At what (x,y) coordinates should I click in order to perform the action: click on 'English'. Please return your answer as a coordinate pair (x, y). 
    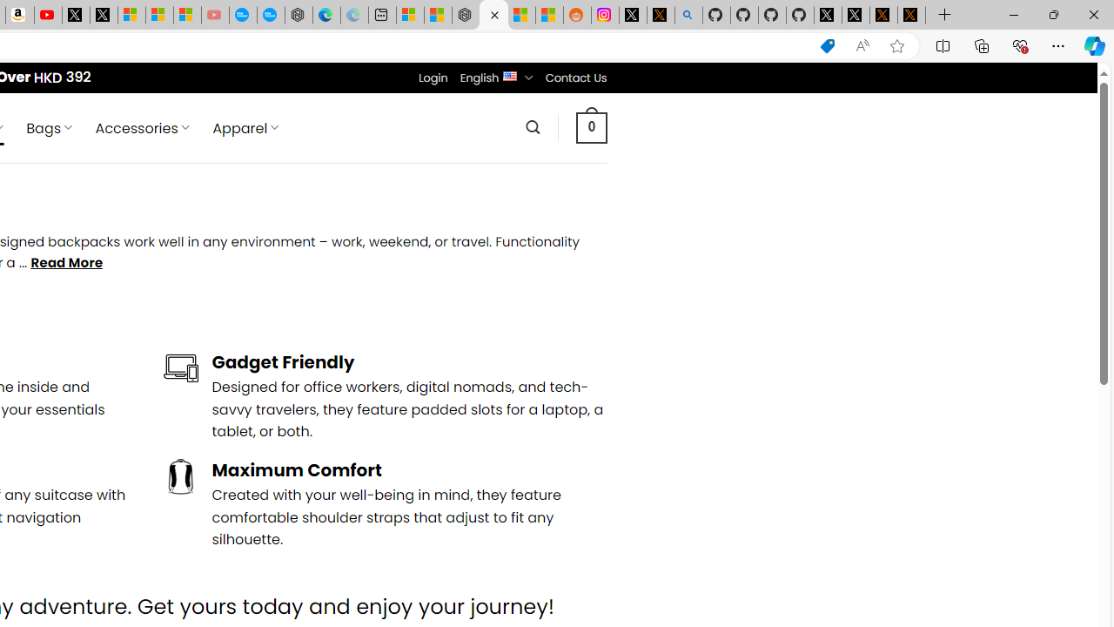
    Looking at the image, I should click on (509, 74).